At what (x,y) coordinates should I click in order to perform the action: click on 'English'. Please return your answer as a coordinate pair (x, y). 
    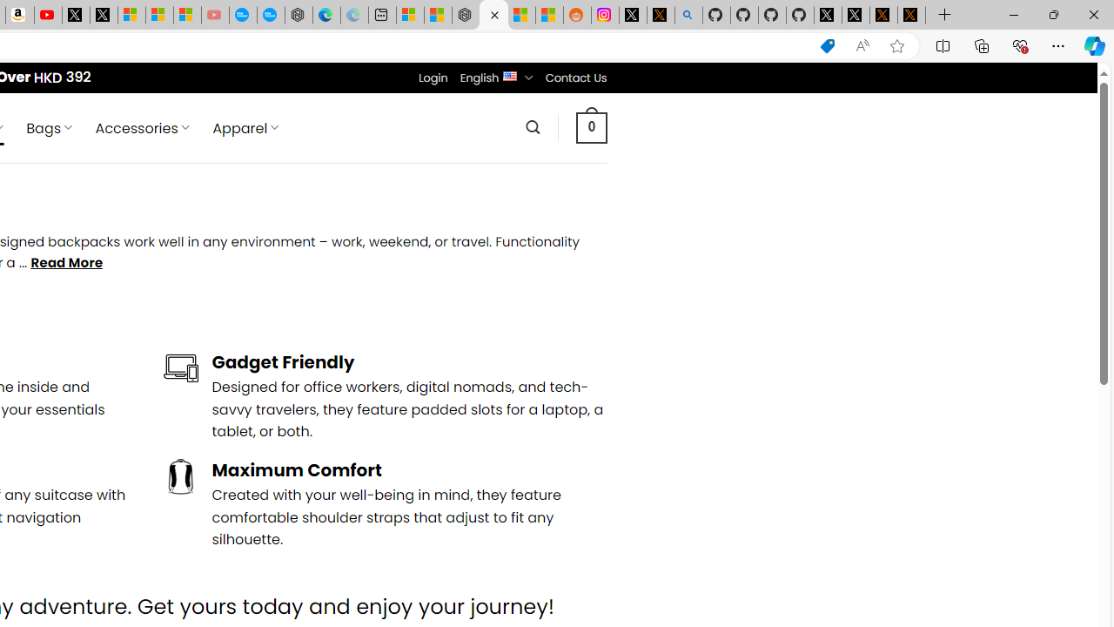
    Looking at the image, I should click on (509, 74).